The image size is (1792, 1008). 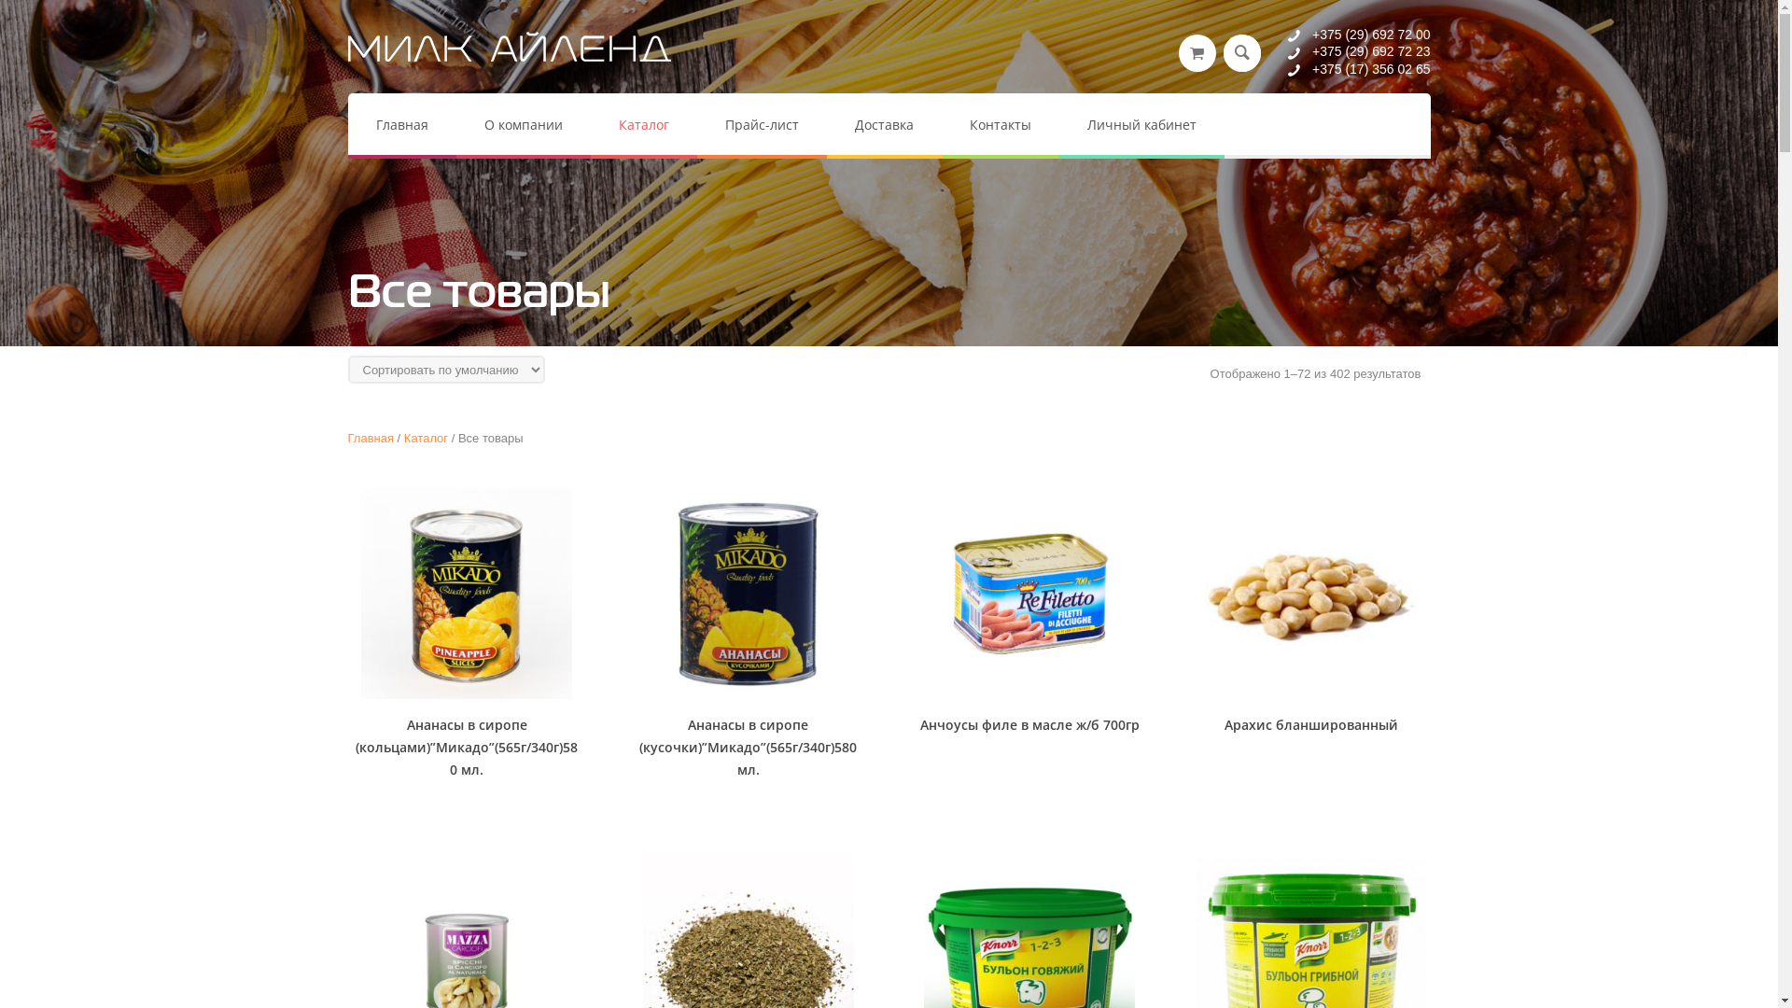 What do you see at coordinates (466, 594) in the screenshot?
I see `'18513c49-0478-11eb-8105-50e5493adf07'` at bounding box center [466, 594].